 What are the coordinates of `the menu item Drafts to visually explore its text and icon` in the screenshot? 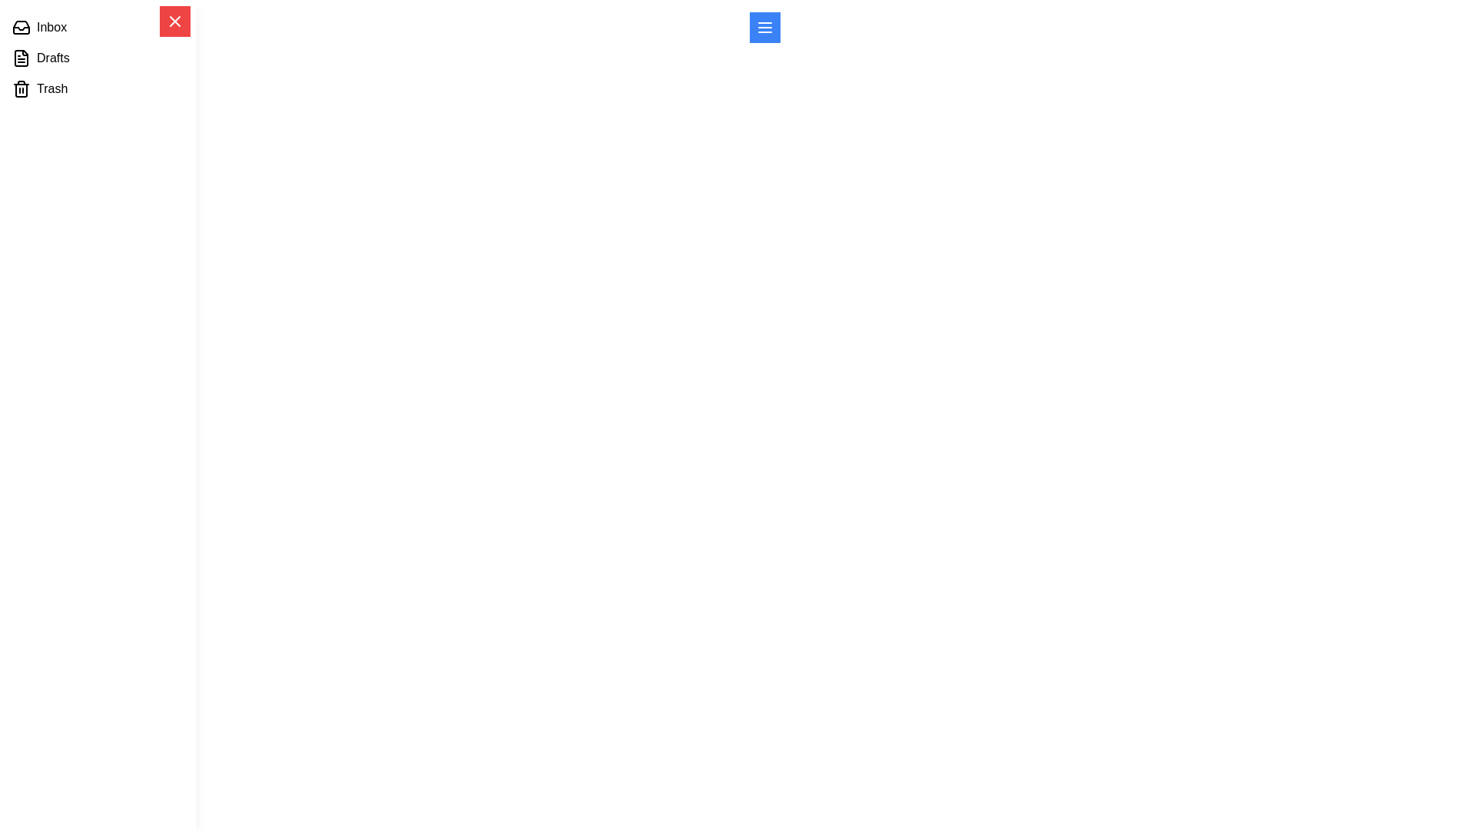 It's located at (98, 58).